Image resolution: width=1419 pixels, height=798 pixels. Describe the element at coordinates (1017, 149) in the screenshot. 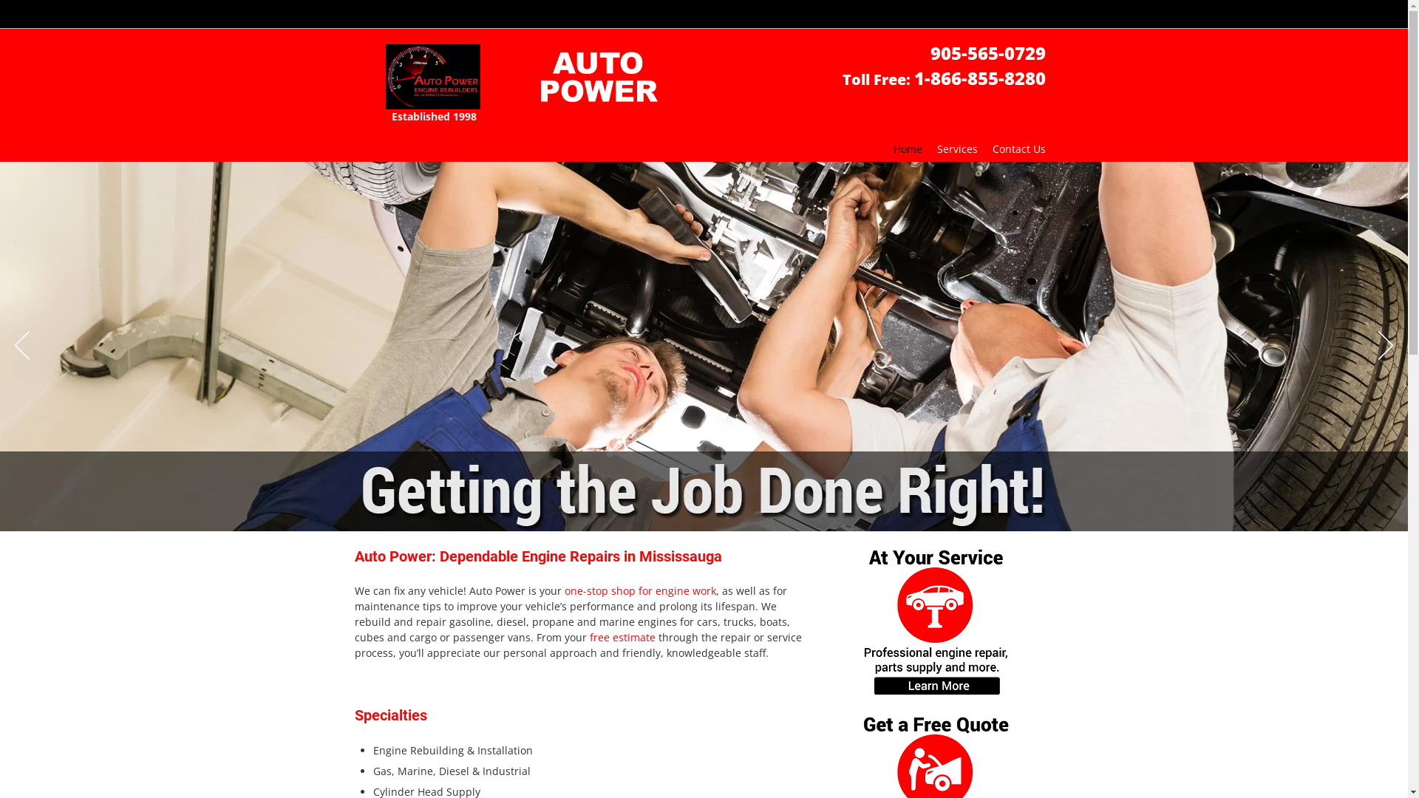

I see `'Contact Us'` at that location.